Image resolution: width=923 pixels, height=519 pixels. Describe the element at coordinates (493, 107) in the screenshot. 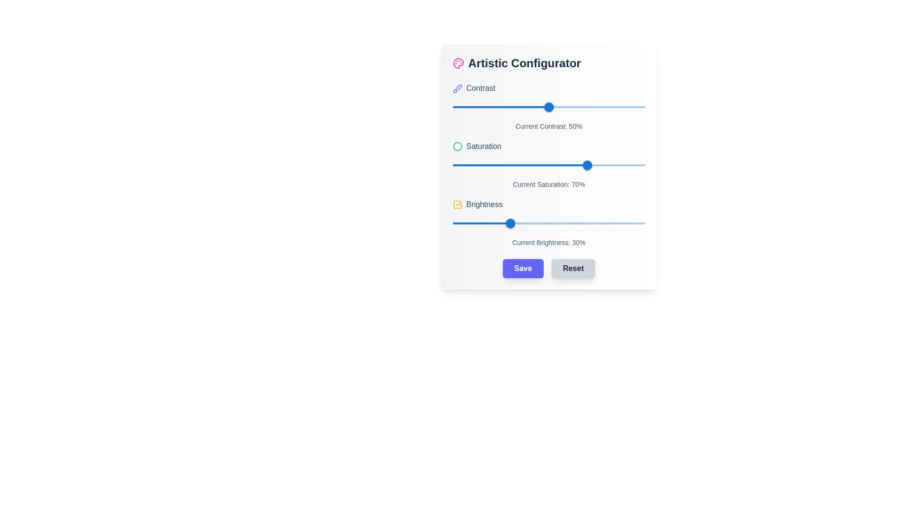

I see `the contrast level` at that location.